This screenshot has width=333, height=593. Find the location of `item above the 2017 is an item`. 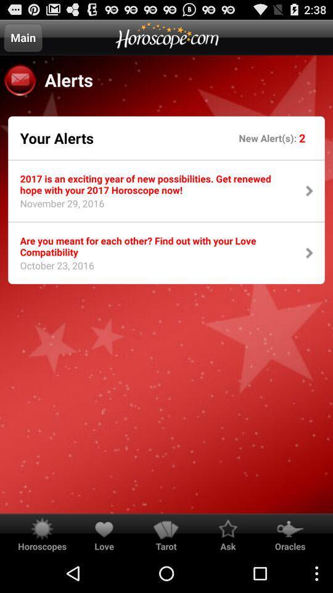

item above the 2017 is an item is located at coordinates (56, 138).